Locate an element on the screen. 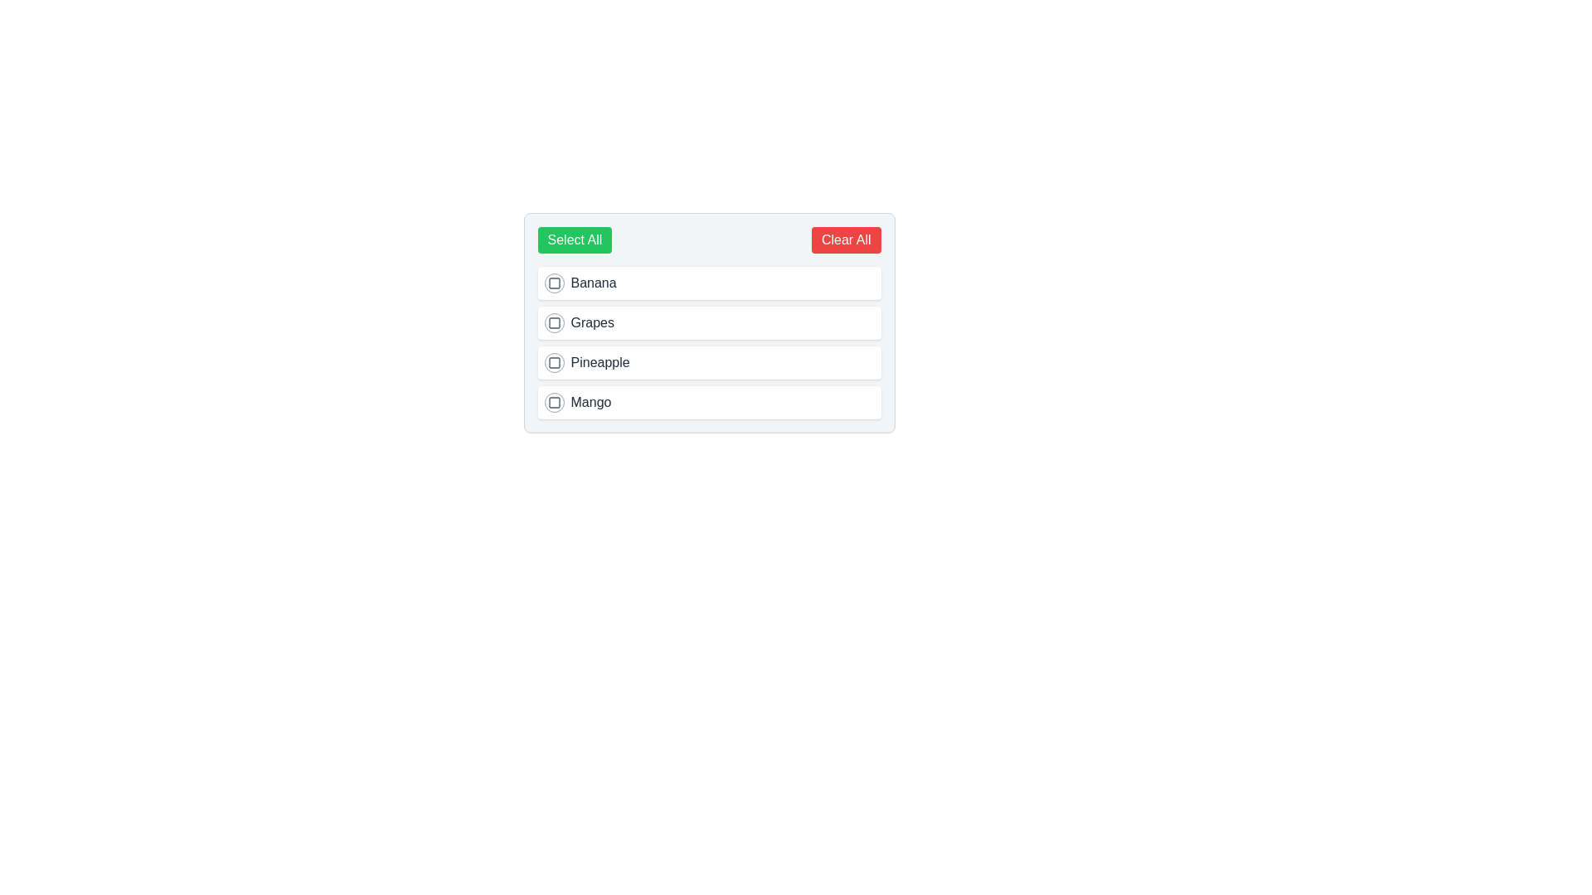 Image resolution: width=1592 pixels, height=895 pixels. text content of the text label displaying 'Mango' in dark-gray font, positioned below the item labeled Pineapple is located at coordinates (590, 403).